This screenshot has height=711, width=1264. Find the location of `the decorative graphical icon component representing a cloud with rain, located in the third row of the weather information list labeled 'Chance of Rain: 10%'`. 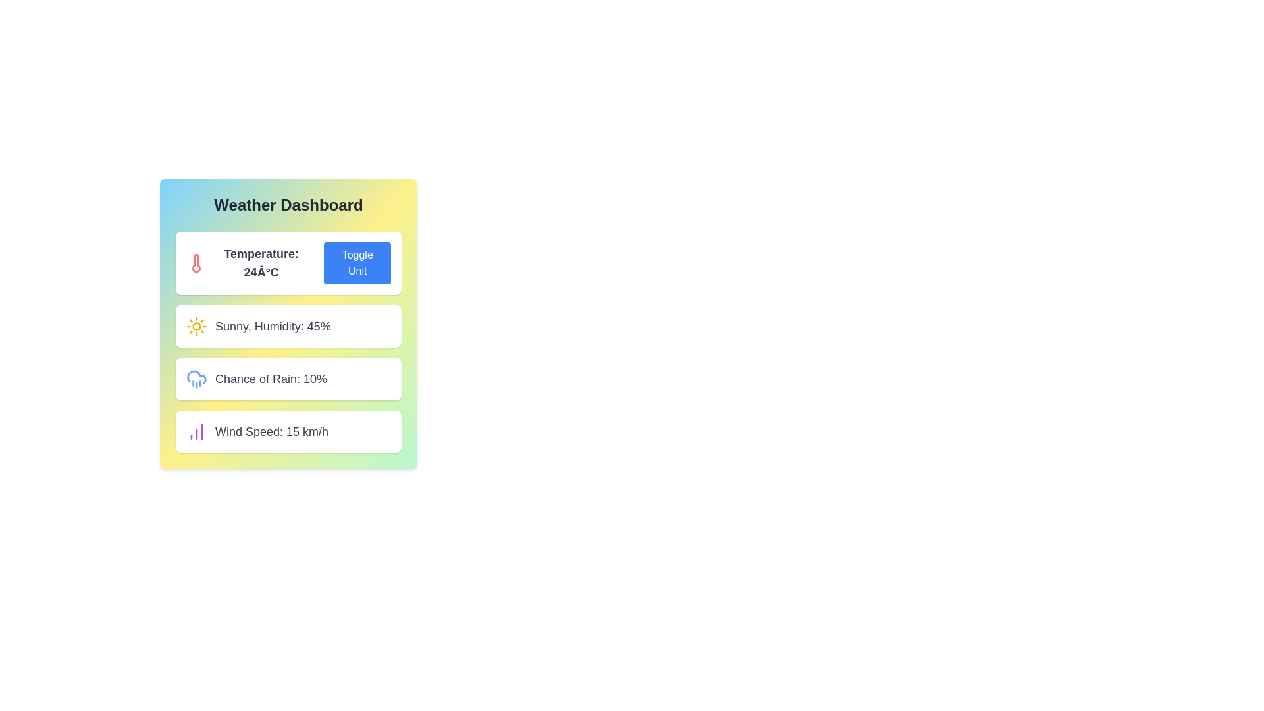

the decorative graphical icon component representing a cloud with rain, located in the third row of the weather information list labeled 'Chance of Rain: 10%' is located at coordinates (196, 377).